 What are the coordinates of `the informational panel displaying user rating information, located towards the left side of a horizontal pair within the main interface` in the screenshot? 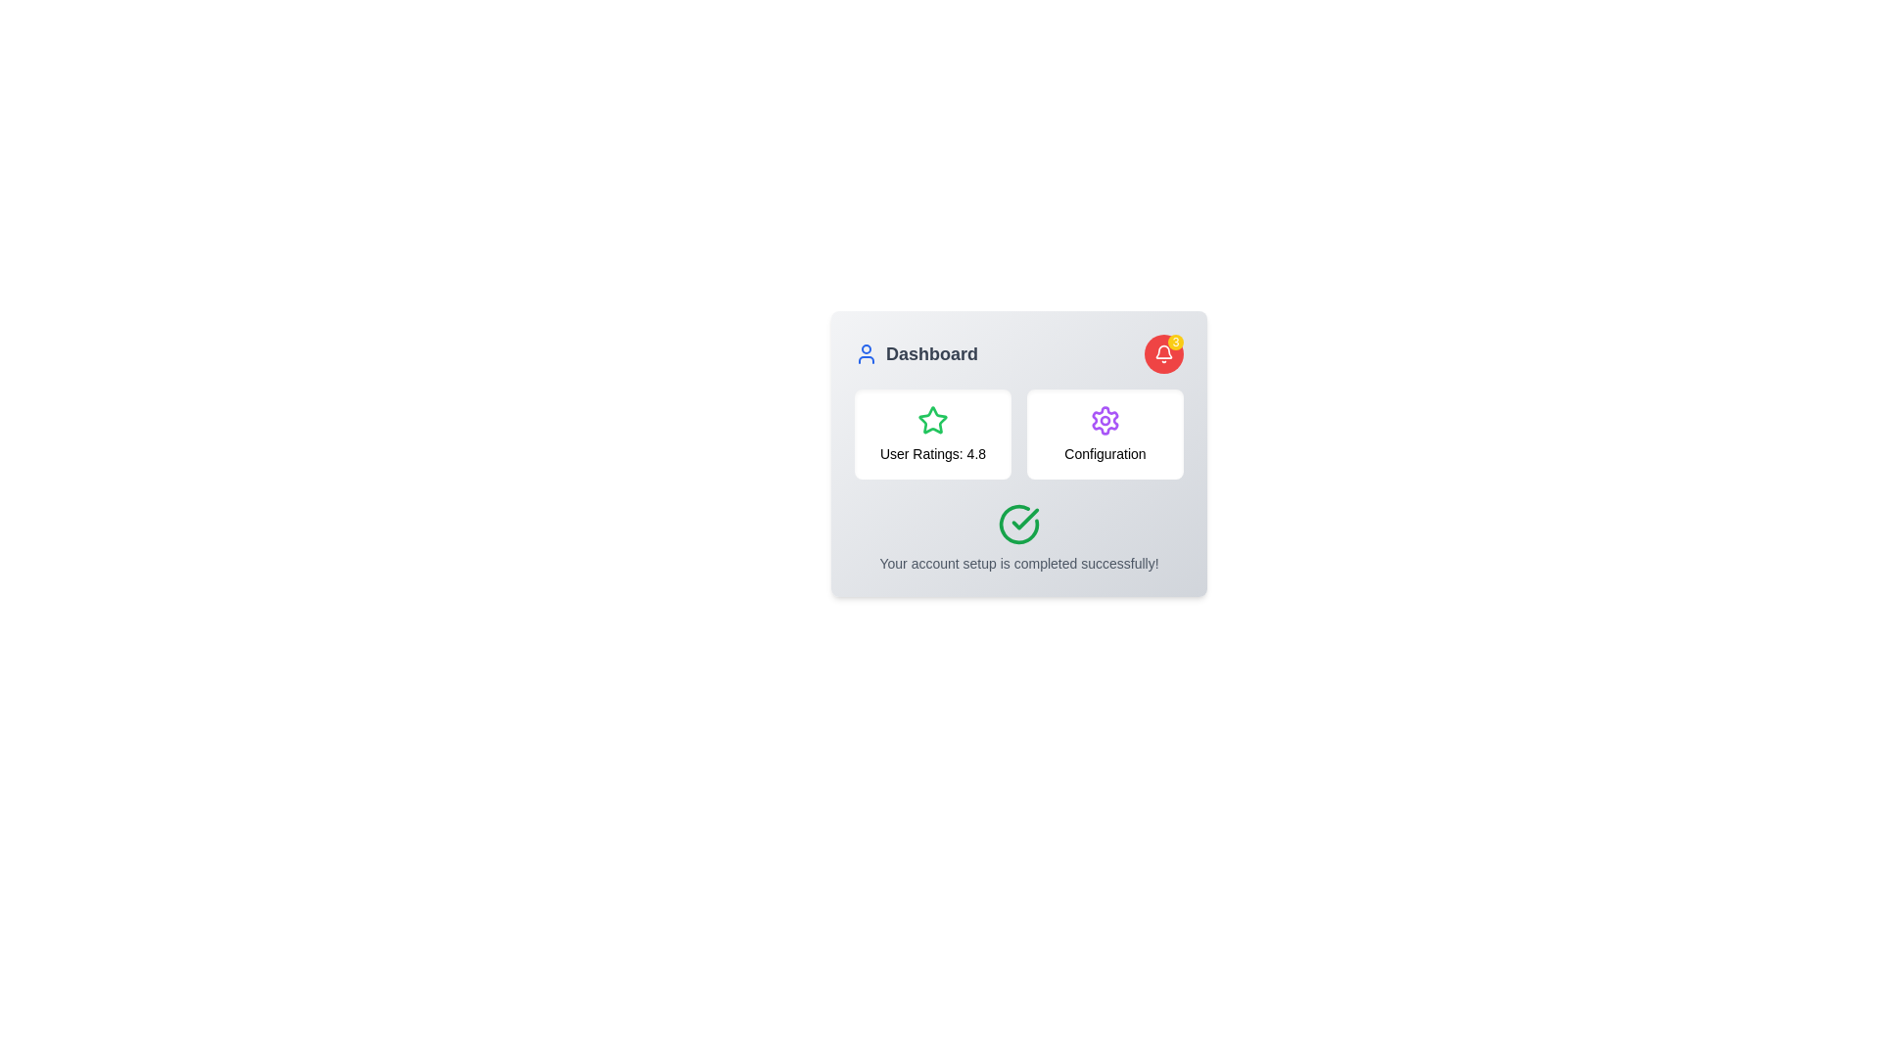 It's located at (932, 433).